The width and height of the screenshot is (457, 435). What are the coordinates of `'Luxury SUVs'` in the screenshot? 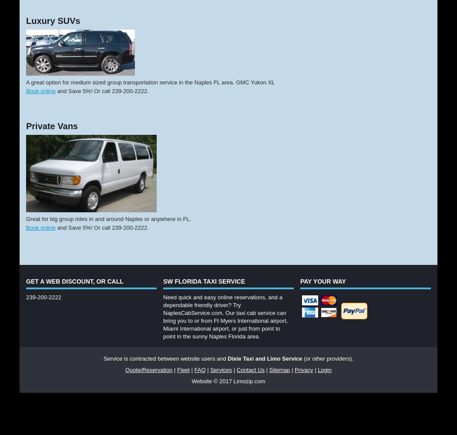 It's located at (25, 20).